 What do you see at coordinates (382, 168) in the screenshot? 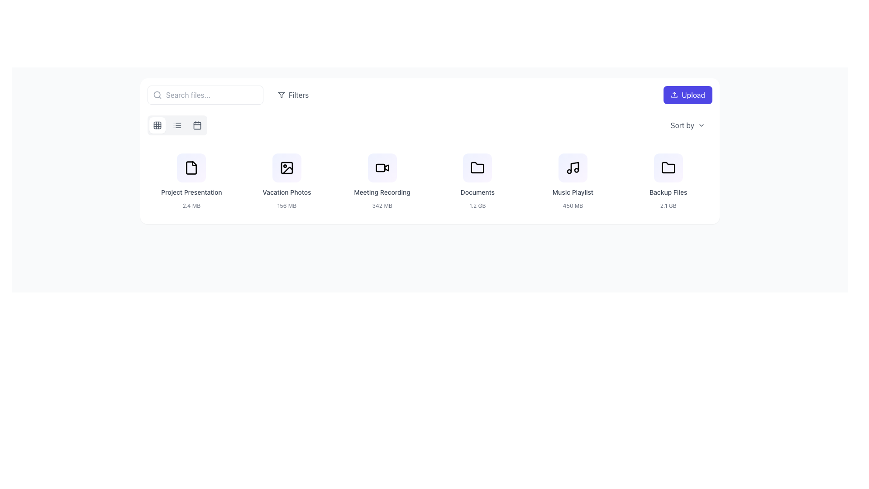
I see `the video camera icon located at the top-center of the 'Meeting Recording' file preview, which is the third card in the horizontal row of file previews` at bounding box center [382, 168].